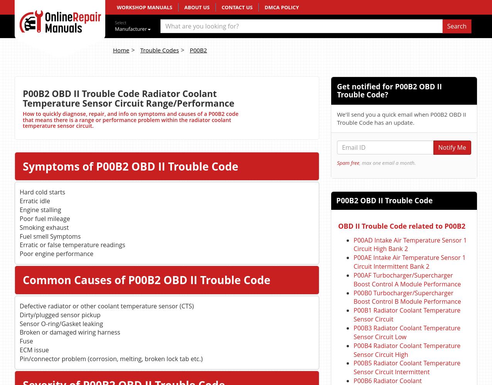 This screenshot has height=385, width=492. What do you see at coordinates (106, 306) in the screenshot?
I see `'Defective radiator or other coolant temperature sensor (CTS)'` at bounding box center [106, 306].